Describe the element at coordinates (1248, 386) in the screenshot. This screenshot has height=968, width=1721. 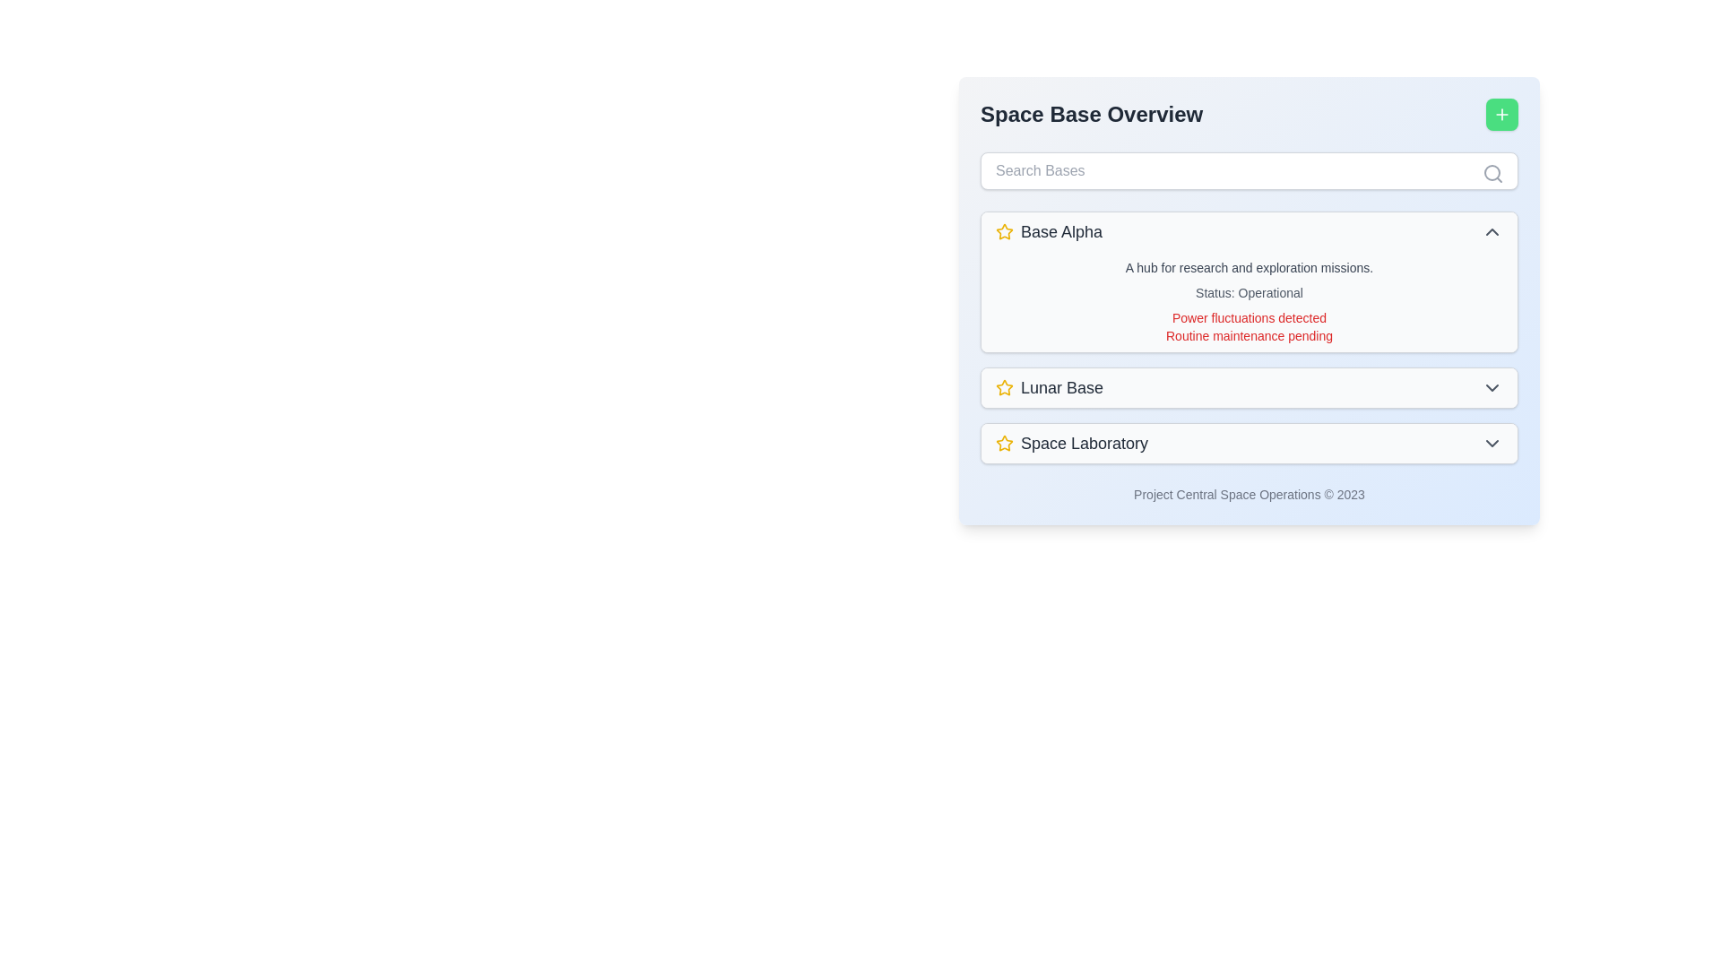
I see `the second item in the interactive list, which represents 'Lunar Base'` at that location.